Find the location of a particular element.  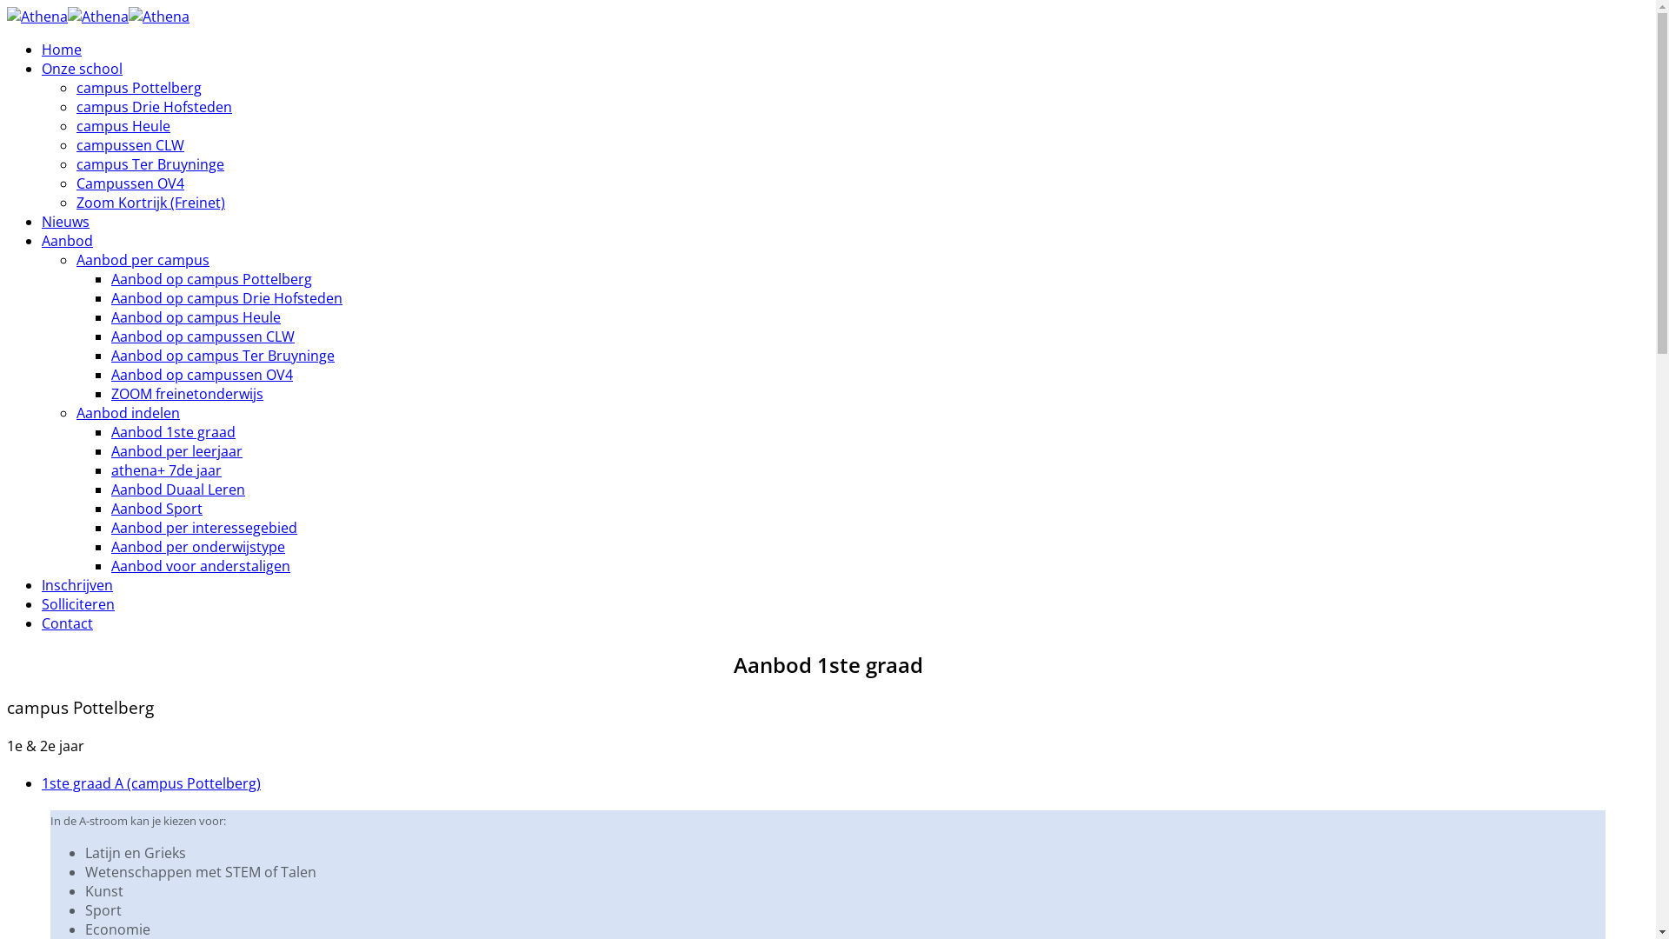

'Zoom Kortrijk (Freinet)' is located at coordinates (150, 201).